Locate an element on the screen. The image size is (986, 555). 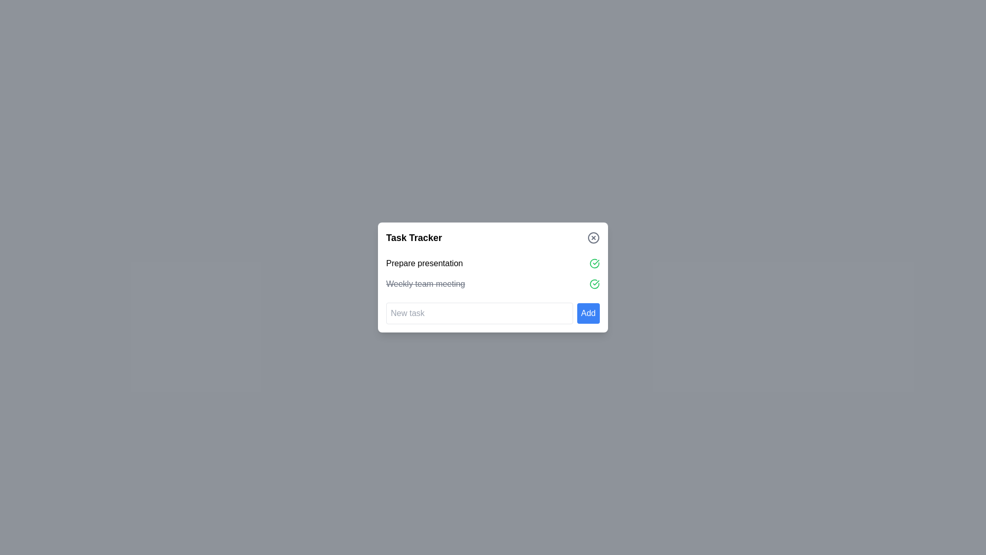
the Text (Heading) that serves as the title for the section, providing clarity on task management is located at coordinates (414, 237).